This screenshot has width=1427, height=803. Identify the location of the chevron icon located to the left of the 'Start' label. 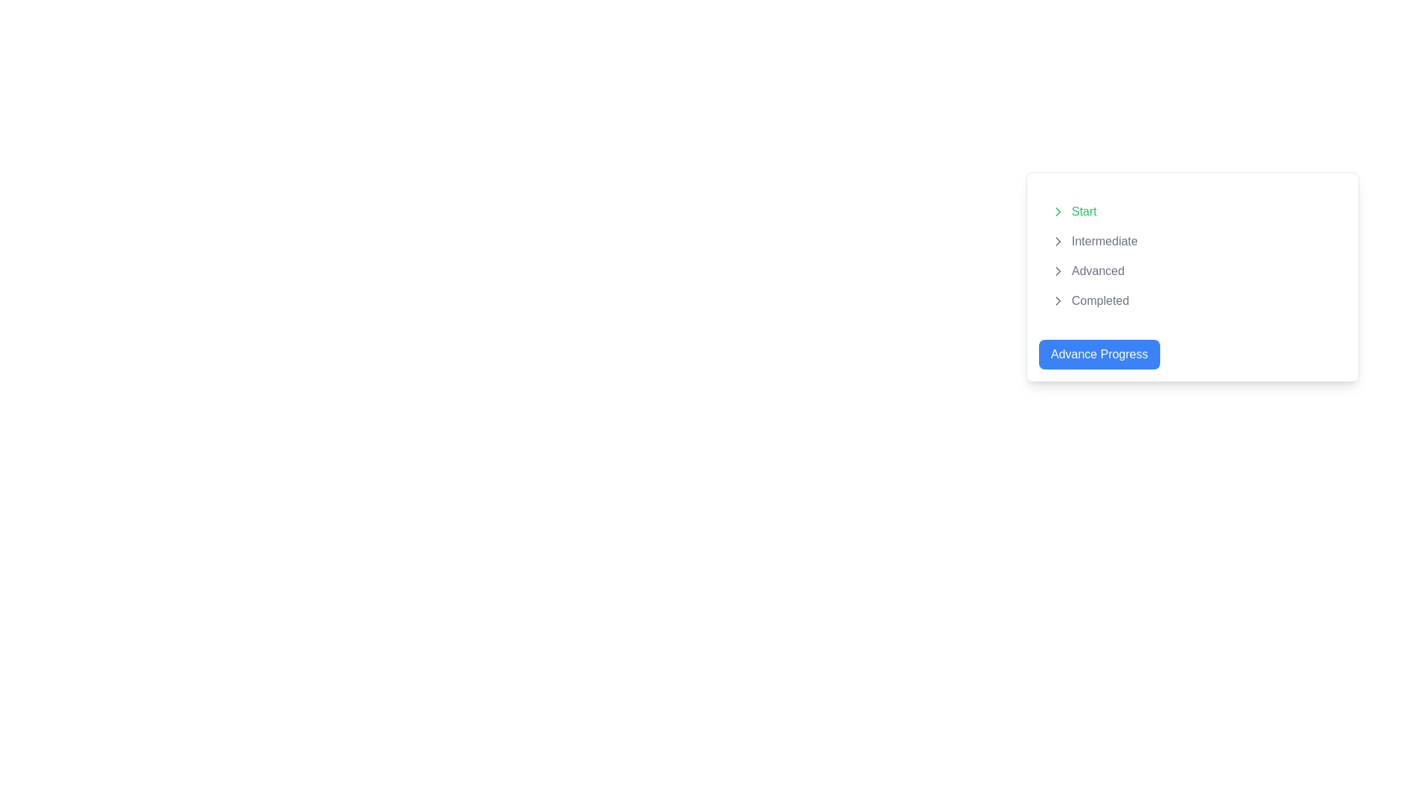
(1058, 212).